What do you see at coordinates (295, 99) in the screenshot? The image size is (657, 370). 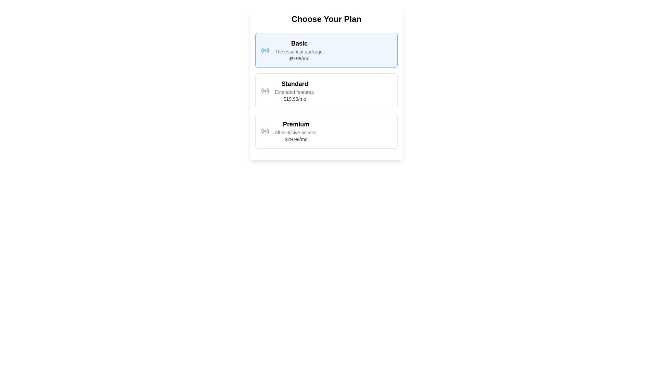 I see `the text element displaying the price '$19.99/mo', which is located below the description 'Extended features.' in the 'Standard' pricing option card` at bounding box center [295, 99].